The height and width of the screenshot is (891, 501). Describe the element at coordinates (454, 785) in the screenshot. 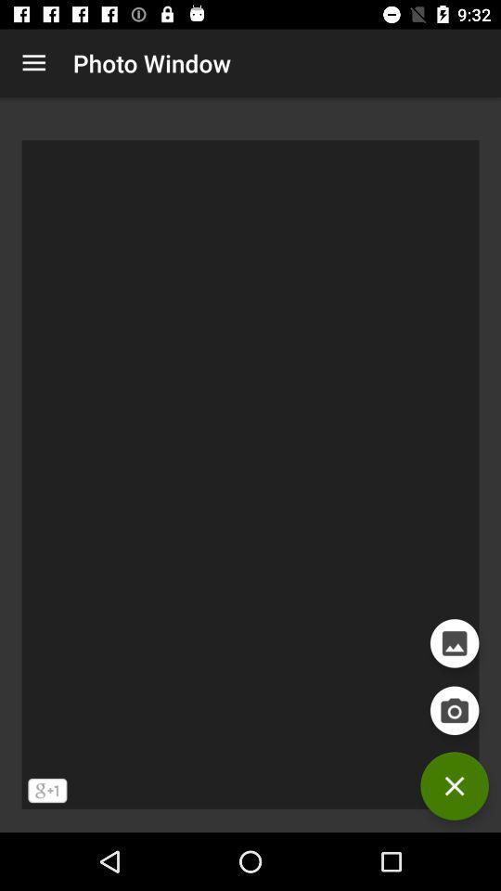

I see `the close icon` at that location.